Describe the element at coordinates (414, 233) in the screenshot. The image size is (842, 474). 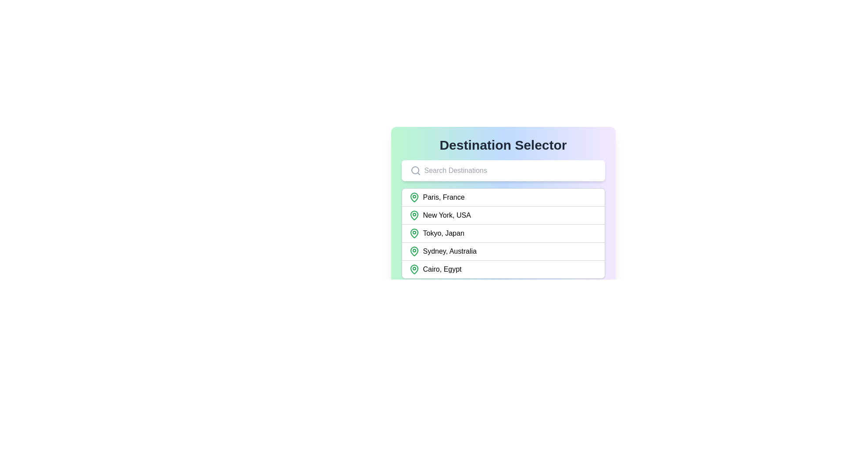
I see `the map pin icon marking the location for 'Tokyo, Japan', which is located to the left of the text label in the third row of the destination list below the 'Destination Selector' search bar` at that location.